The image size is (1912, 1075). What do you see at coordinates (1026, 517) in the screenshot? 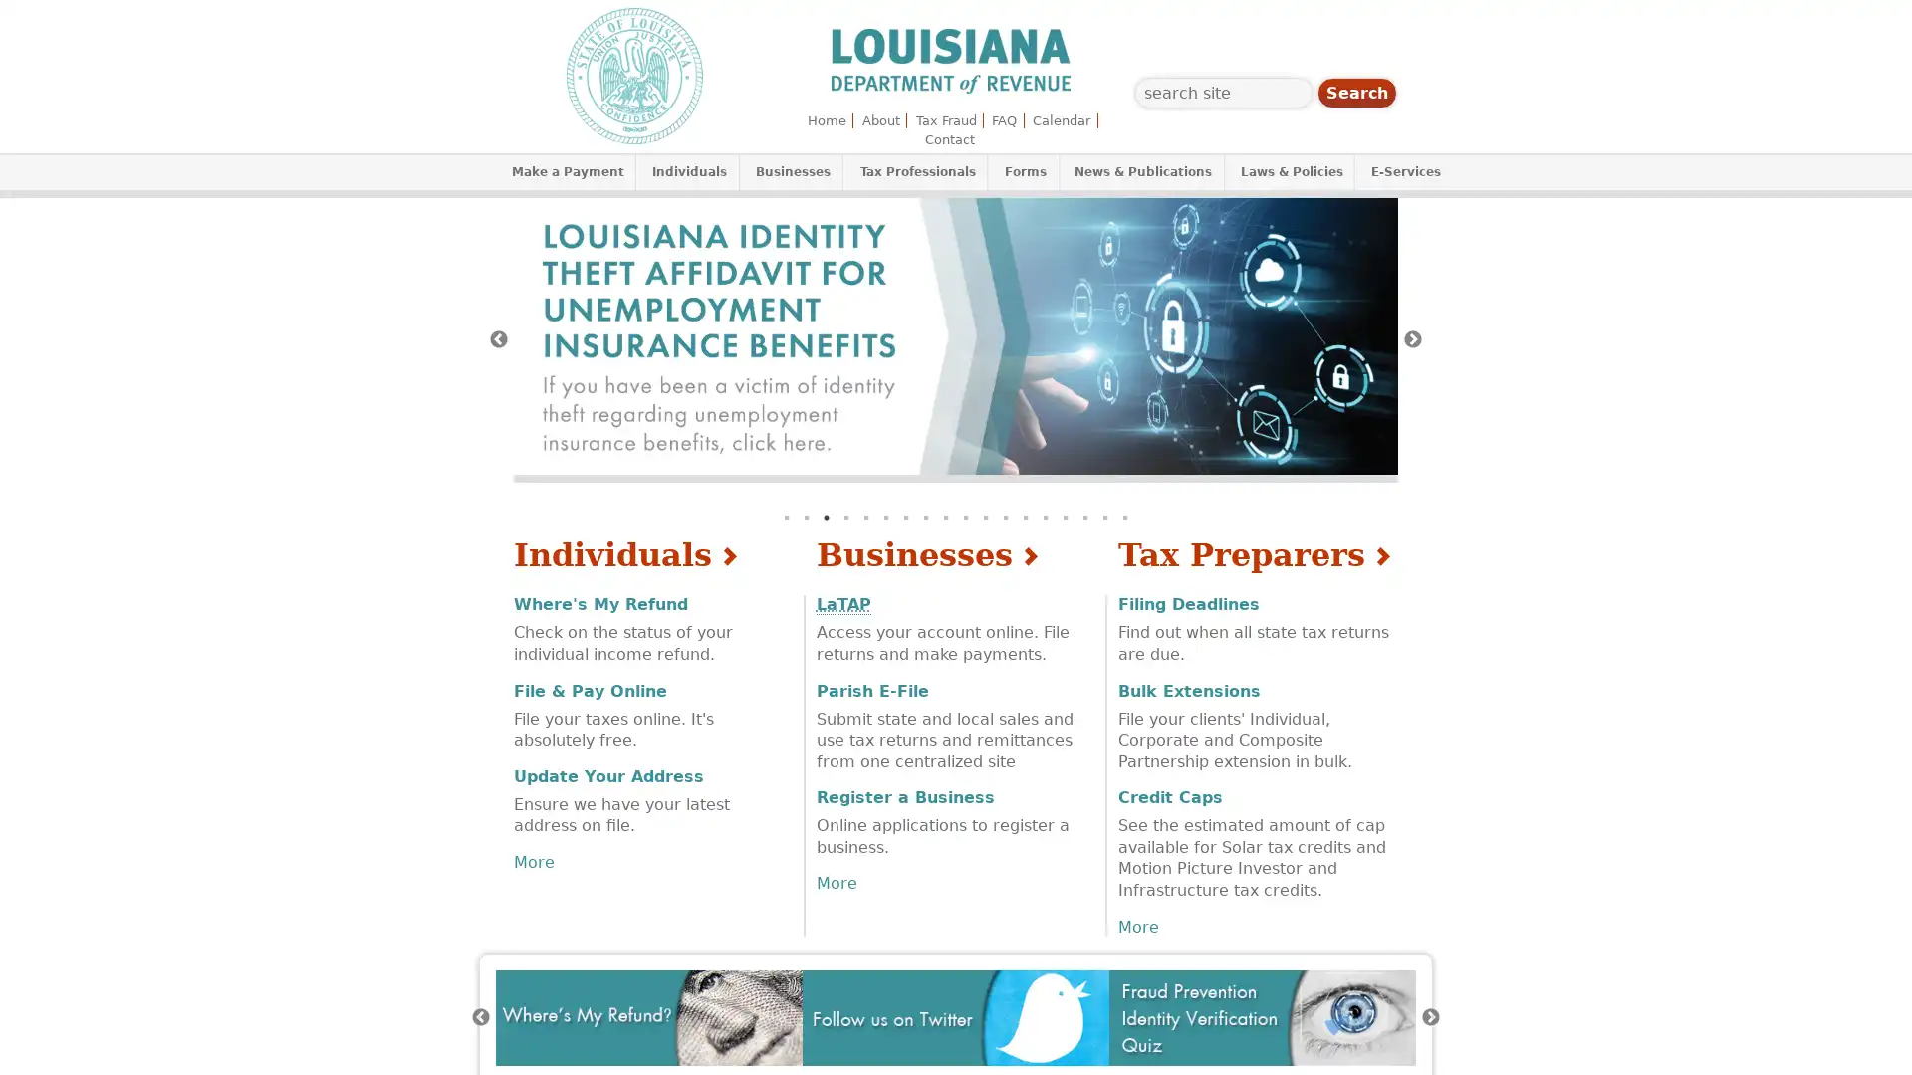
I see `13` at bounding box center [1026, 517].